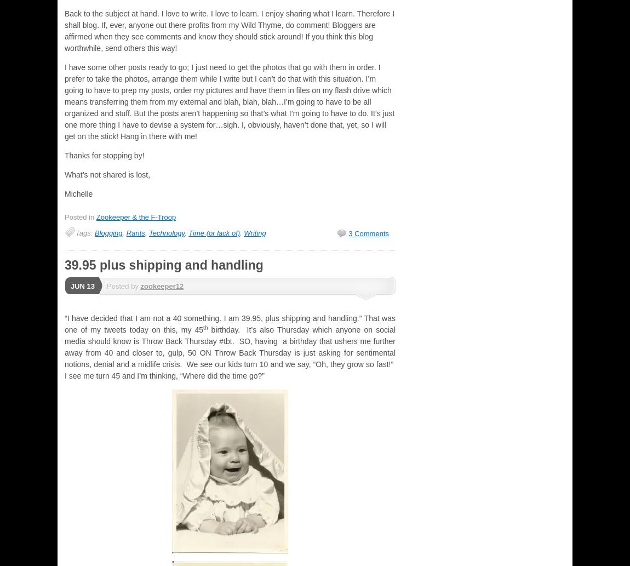  What do you see at coordinates (84, 232) in the screenshot?
I see `'Tags:'` at bounding box center [84, 232].